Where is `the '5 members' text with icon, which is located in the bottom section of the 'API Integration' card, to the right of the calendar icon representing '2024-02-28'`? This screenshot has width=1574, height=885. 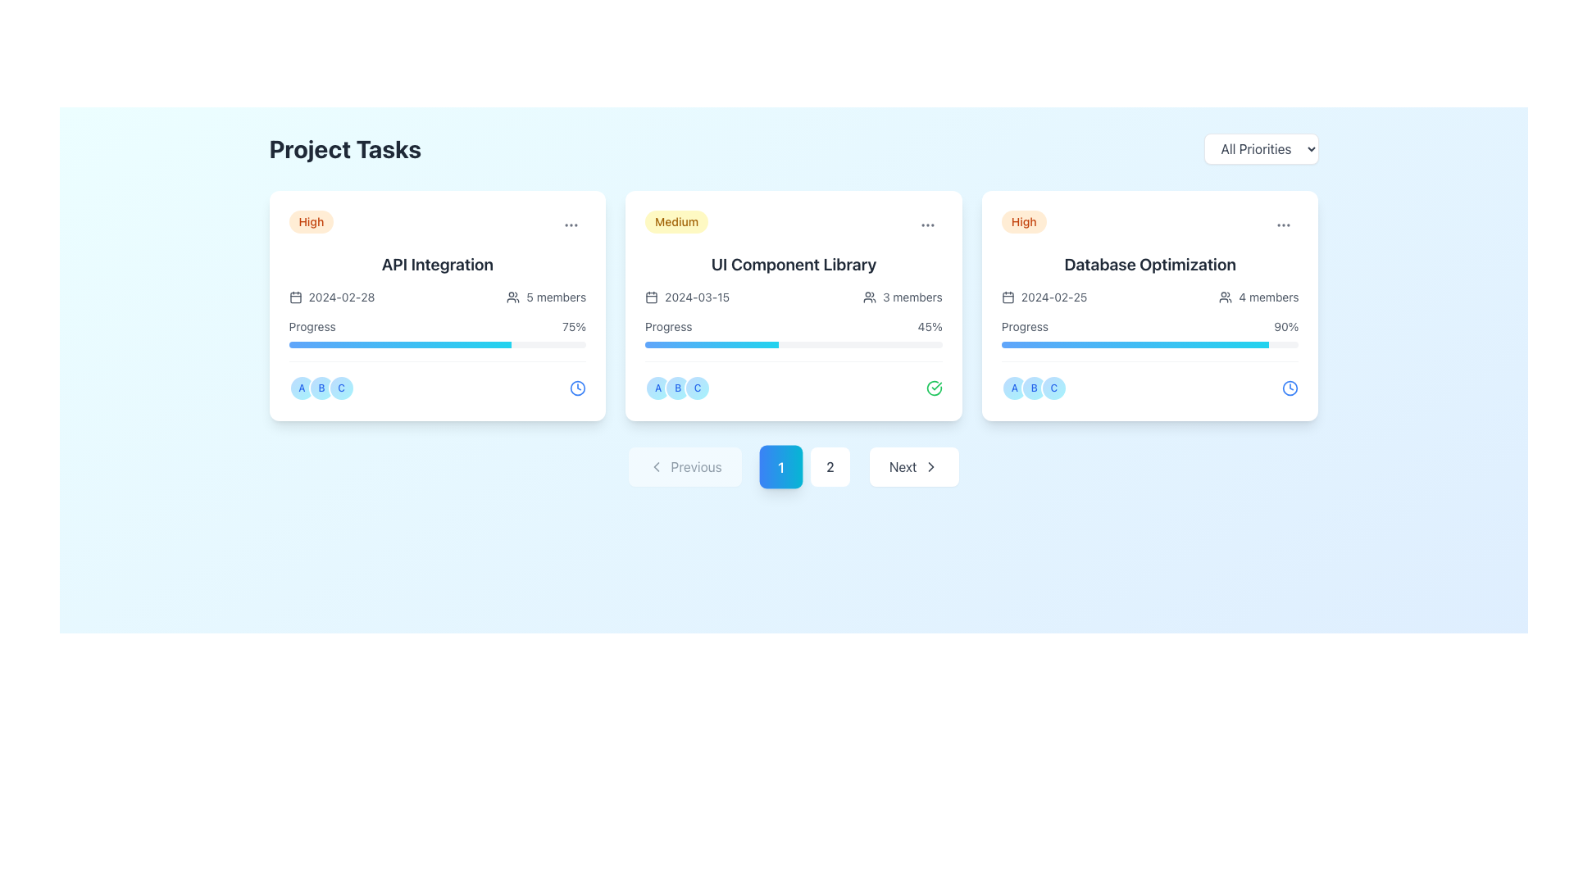 the '5 members' text with icon, which is located in the bottom section of the 'API Integration' card, to the right of the calendar icon representing '2024-02-28' is located at coordinates (546, 297).